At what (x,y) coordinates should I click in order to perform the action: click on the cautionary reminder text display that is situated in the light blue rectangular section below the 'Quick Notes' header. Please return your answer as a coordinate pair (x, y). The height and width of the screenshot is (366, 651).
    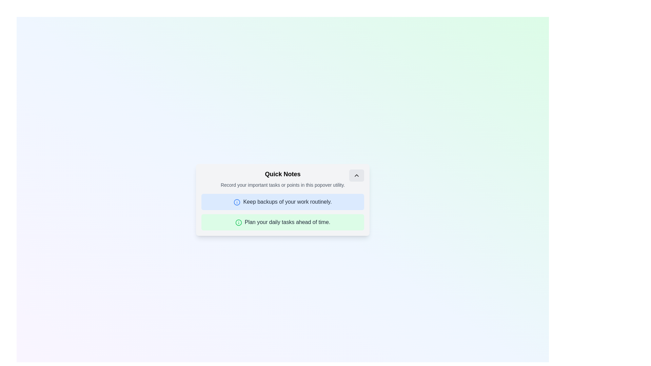
    Looking at the image, I should click on (288, 201).